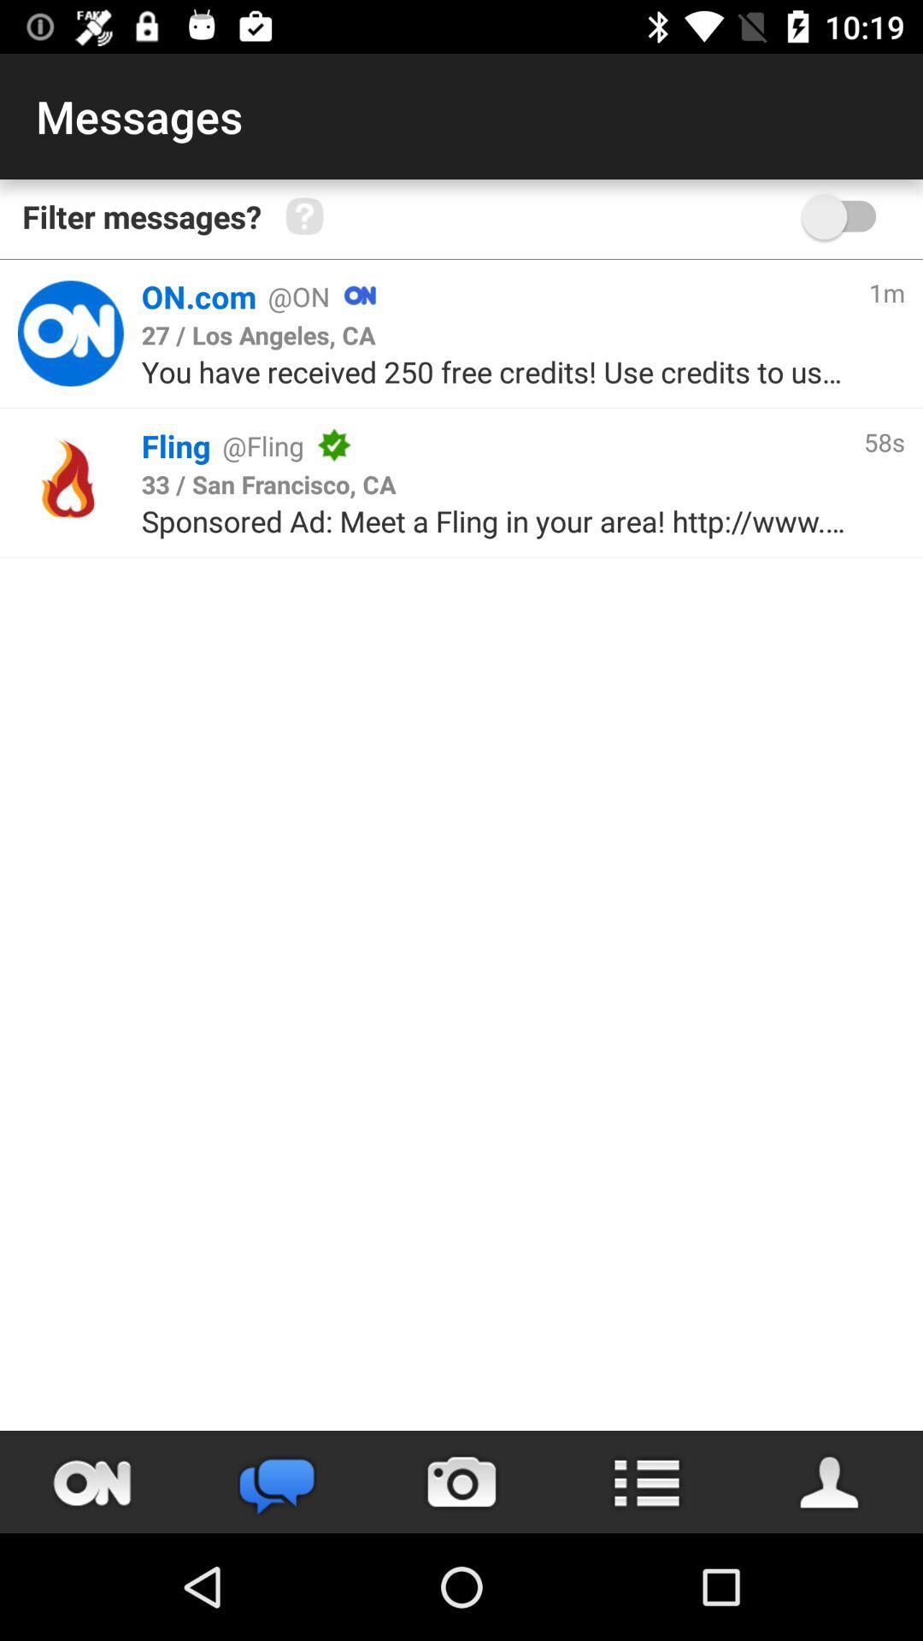  What do you see at coordinates (258, 334) in the screenshot?
I see `the 27 los angeles` at bounding box center [258, 334].